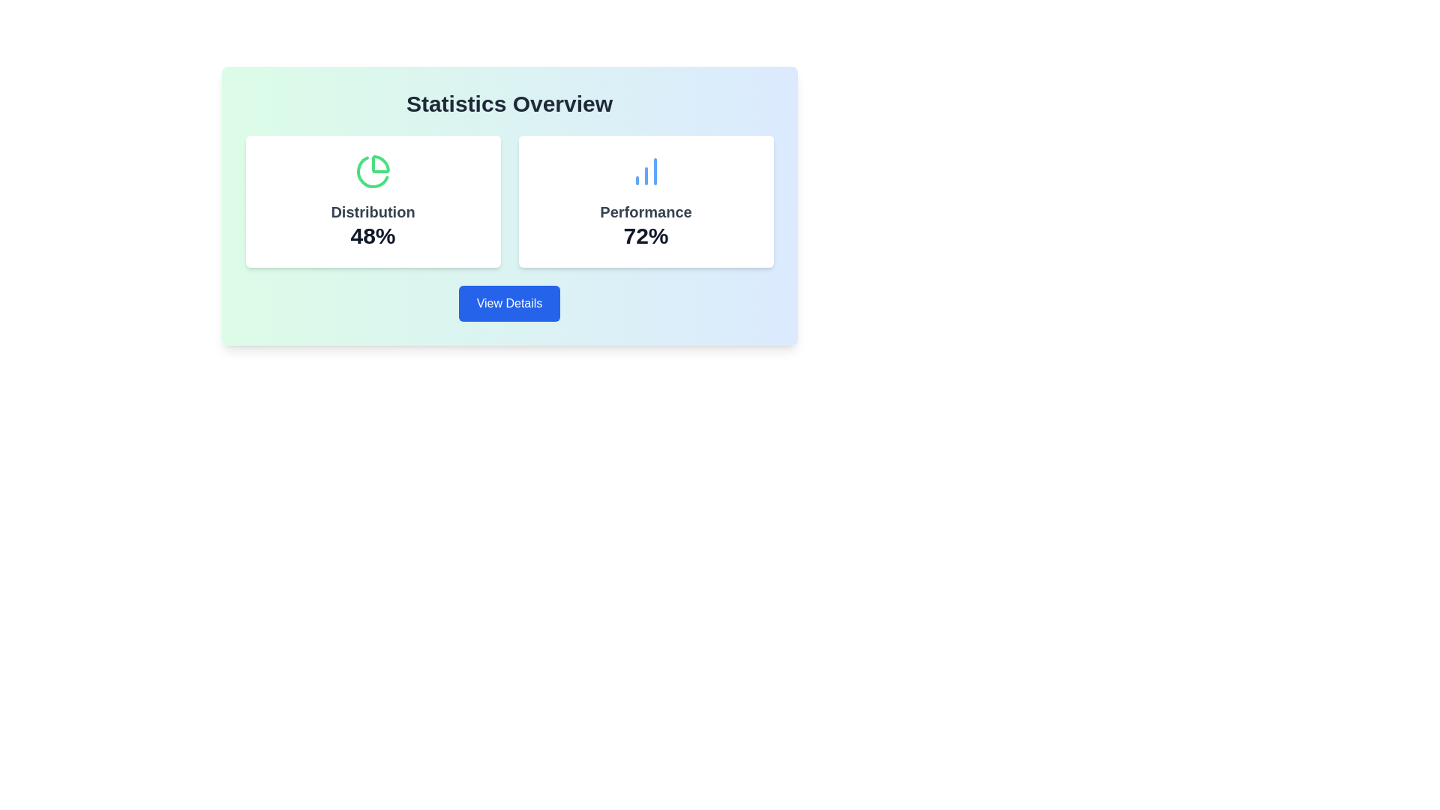 This screenshot has width=1440, height=810. Describe the element at coordinates (373, 170) in the screenshot. I see `the green pie chart icon located at the top center of the left card titled 'Distribution' with subtitle '48%'` at that location.